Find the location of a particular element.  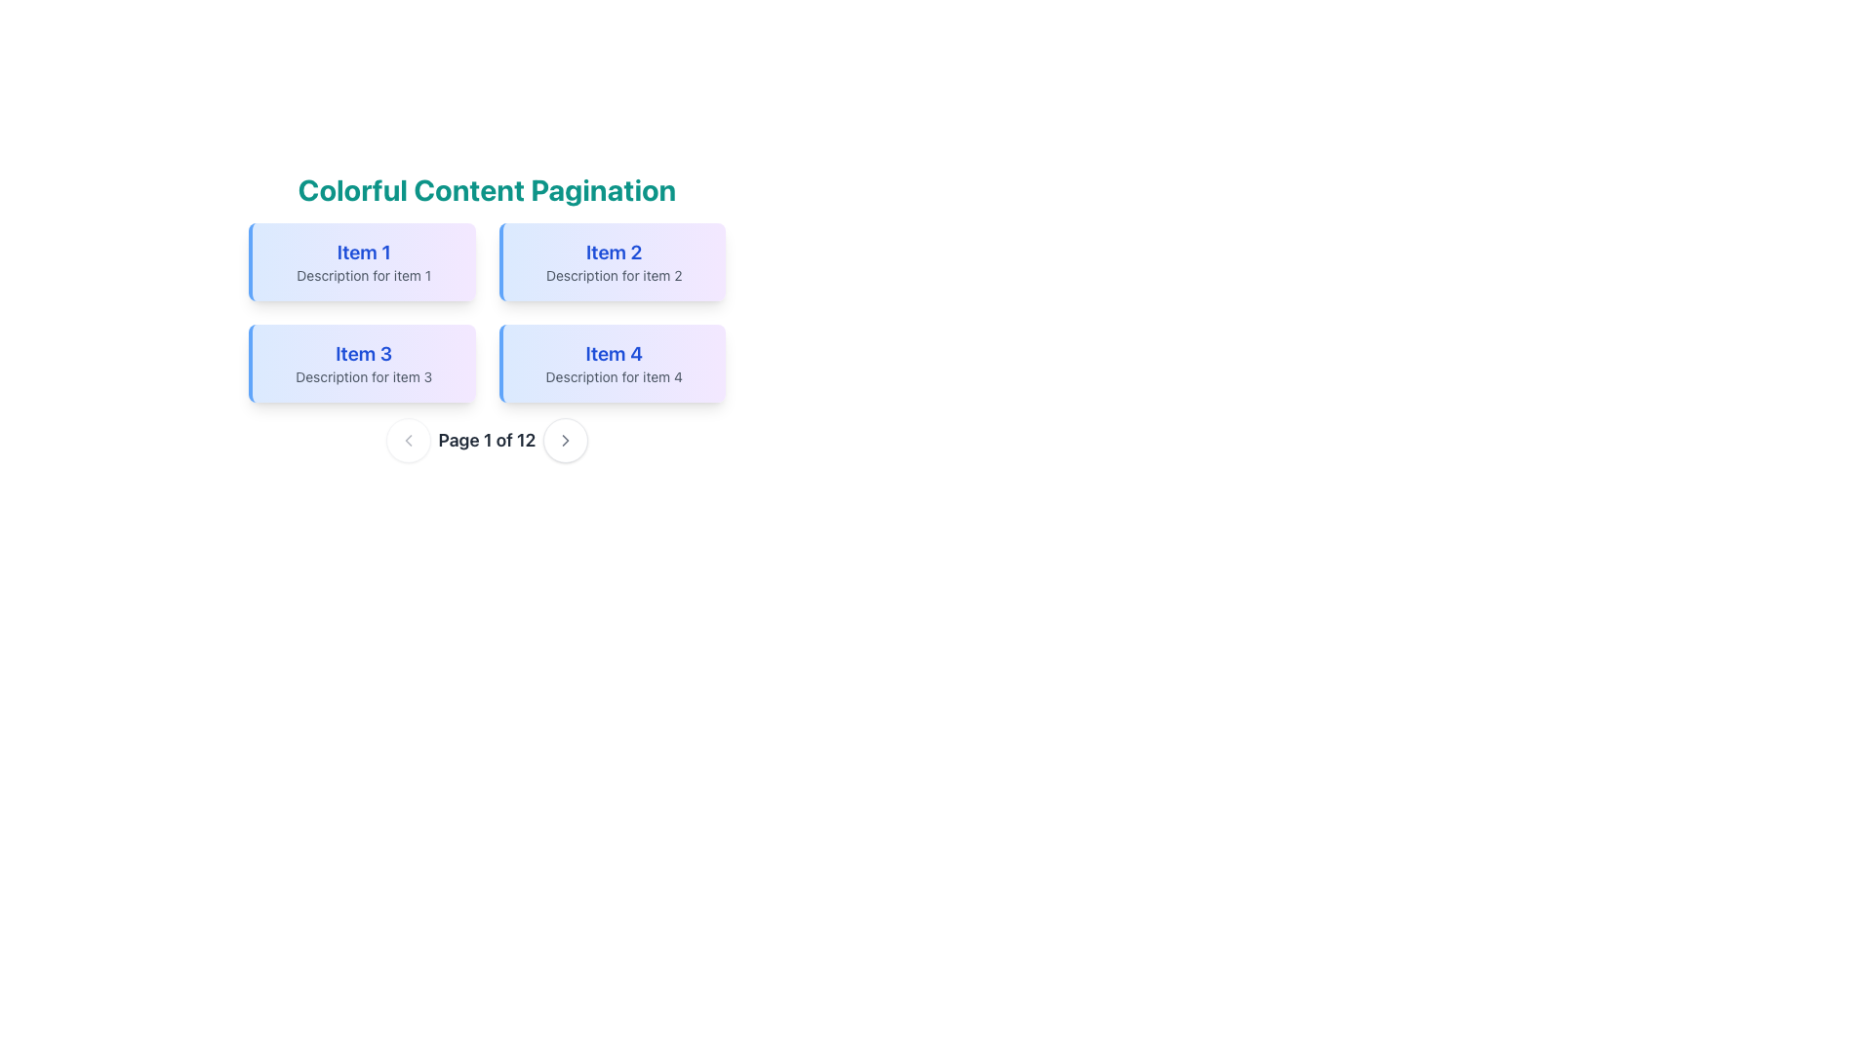

the chevron icon on the pagination controls located to the right of 'Page 1 of 12' is located at coordinates (565, 440).